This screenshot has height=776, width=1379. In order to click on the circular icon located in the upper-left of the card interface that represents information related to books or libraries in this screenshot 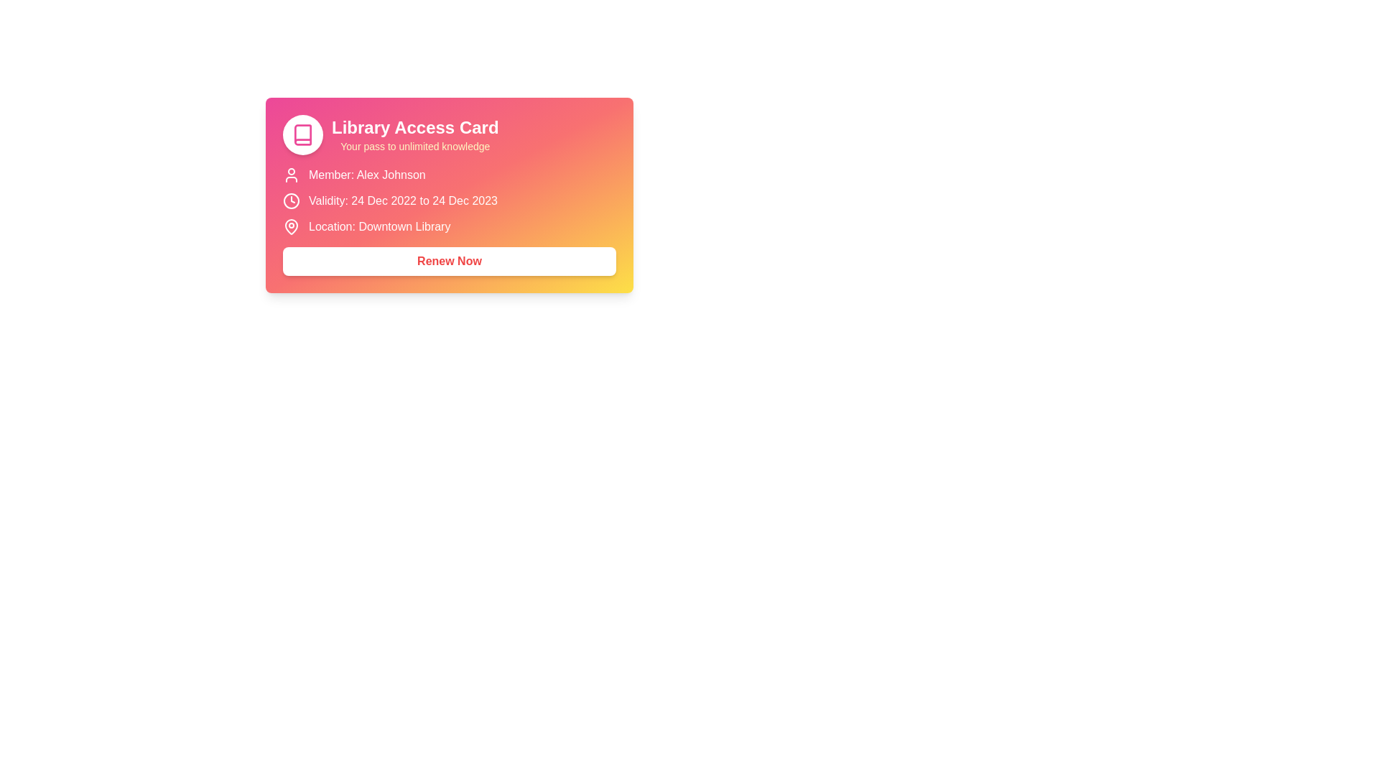, I will do `click(302, 135)`.